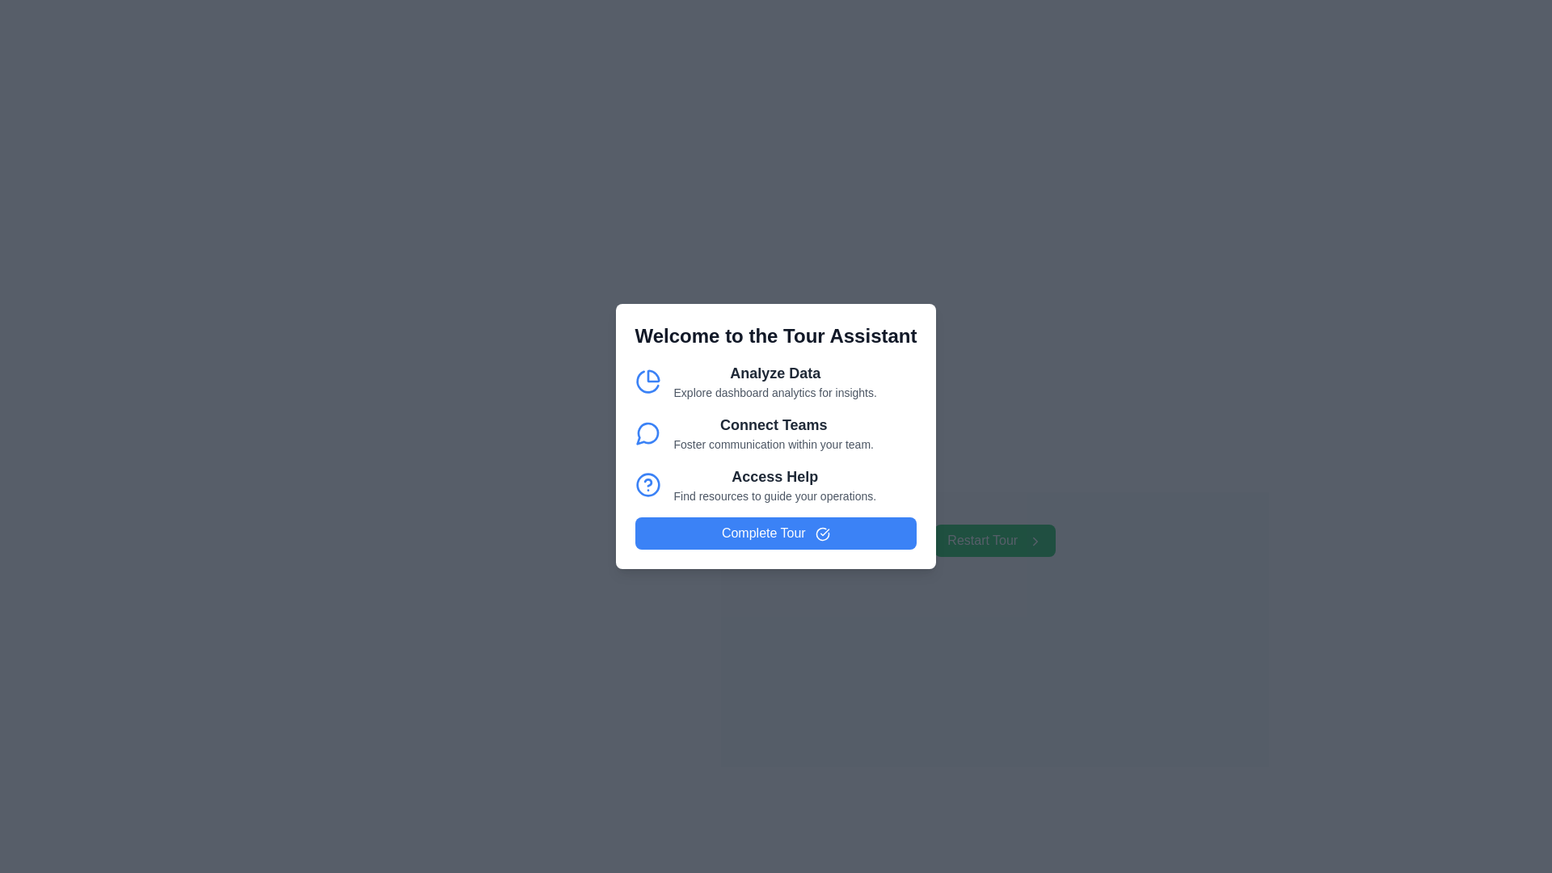  Describe the element at coordinates (774, 393) in the screenshot. I see `the descriptive text element that provides context to the 'Analyze Data' heading within the 'Welcome to the Tour Assistant' modal` at that location.